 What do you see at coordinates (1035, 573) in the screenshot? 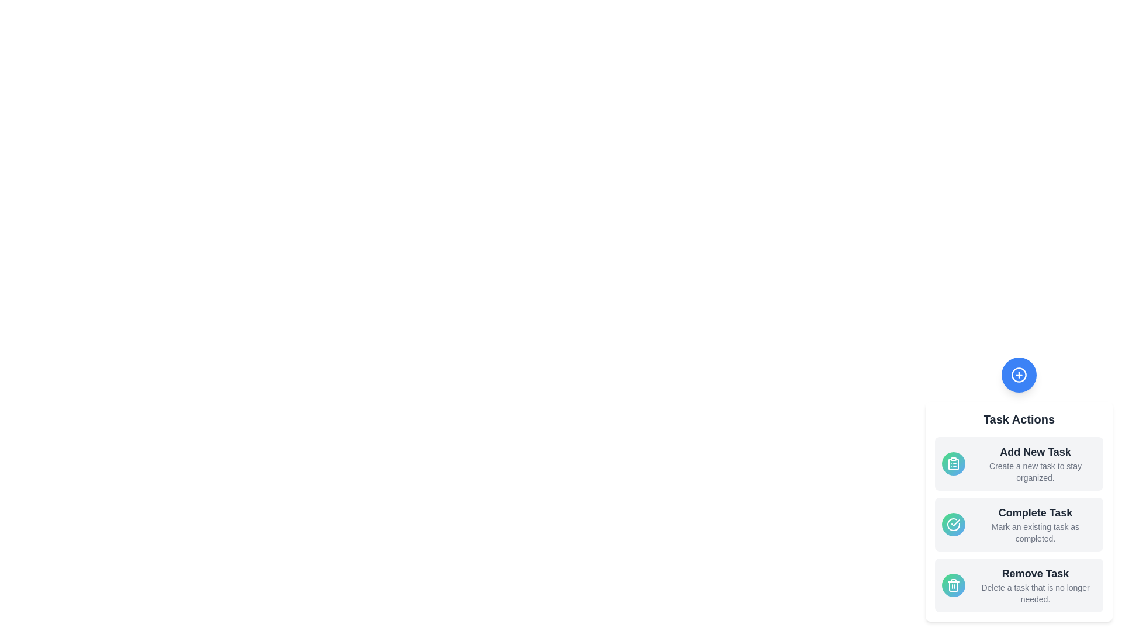
I see `the task option title Remove Task to trigger its interaction` at bounding box center [1035, 573].